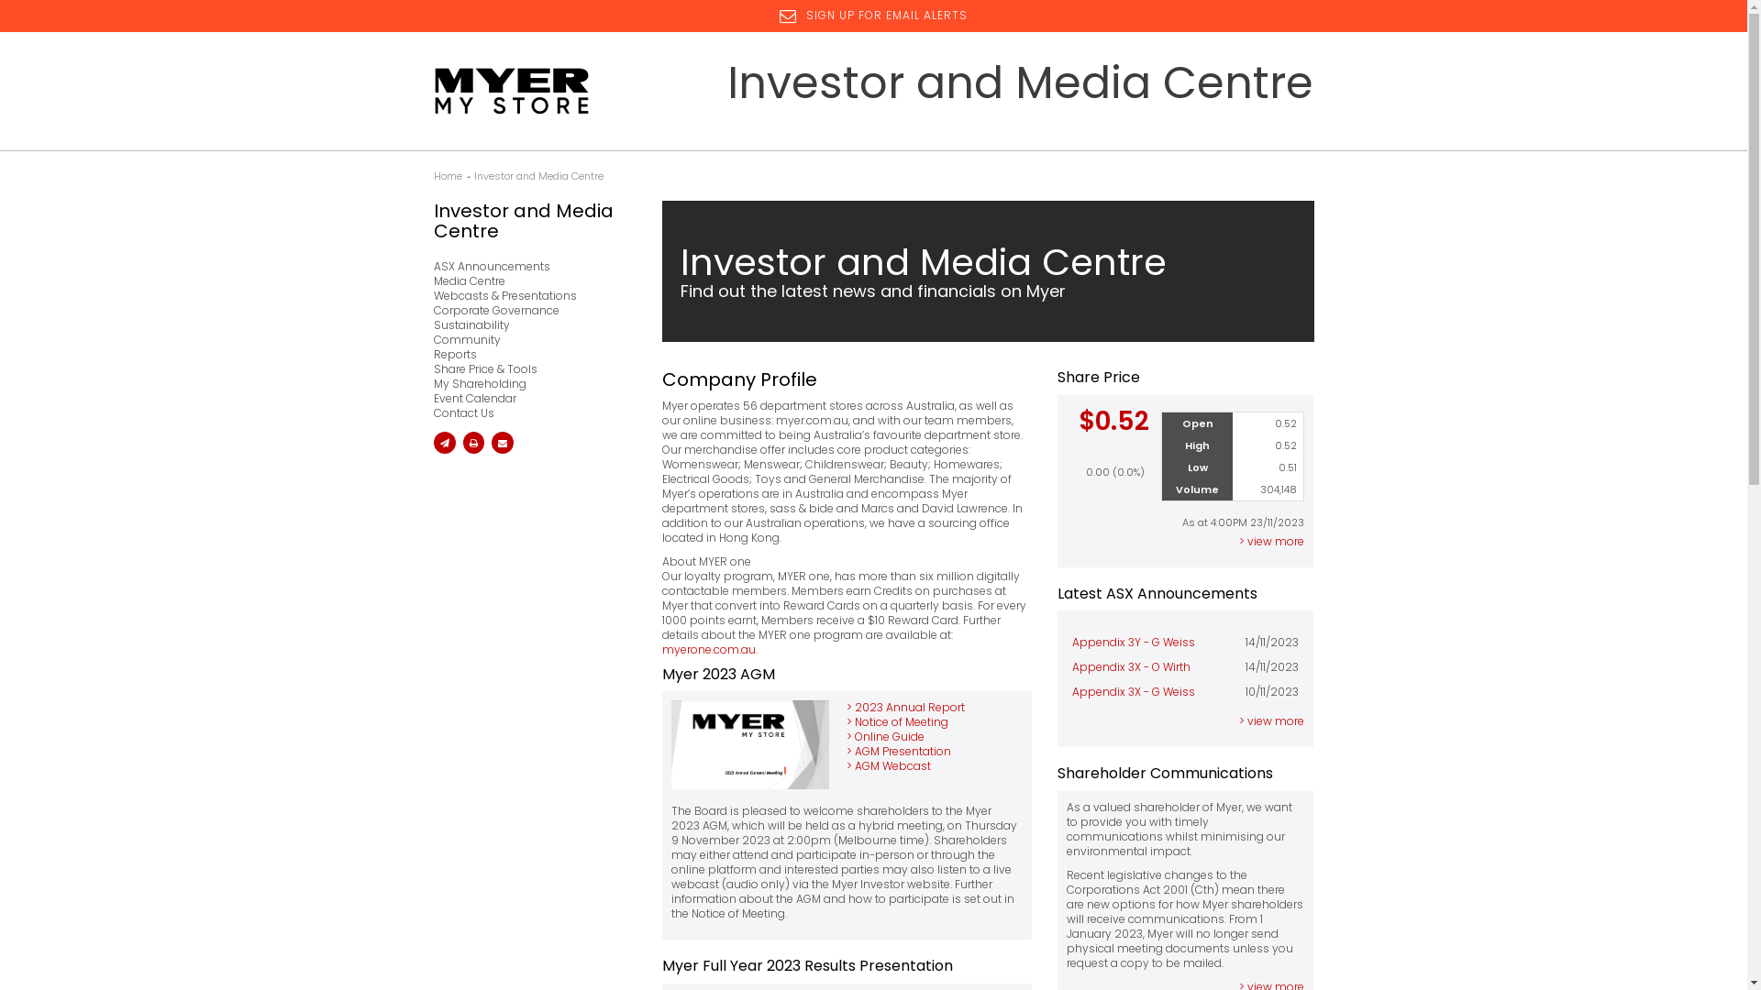  I want to click on '> 2023 Annual Report', so click(845, 706).